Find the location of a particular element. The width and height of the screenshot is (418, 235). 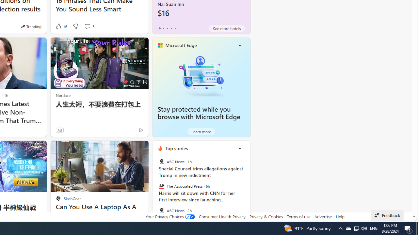

'tab-2' is located at coordinates (167, 28).